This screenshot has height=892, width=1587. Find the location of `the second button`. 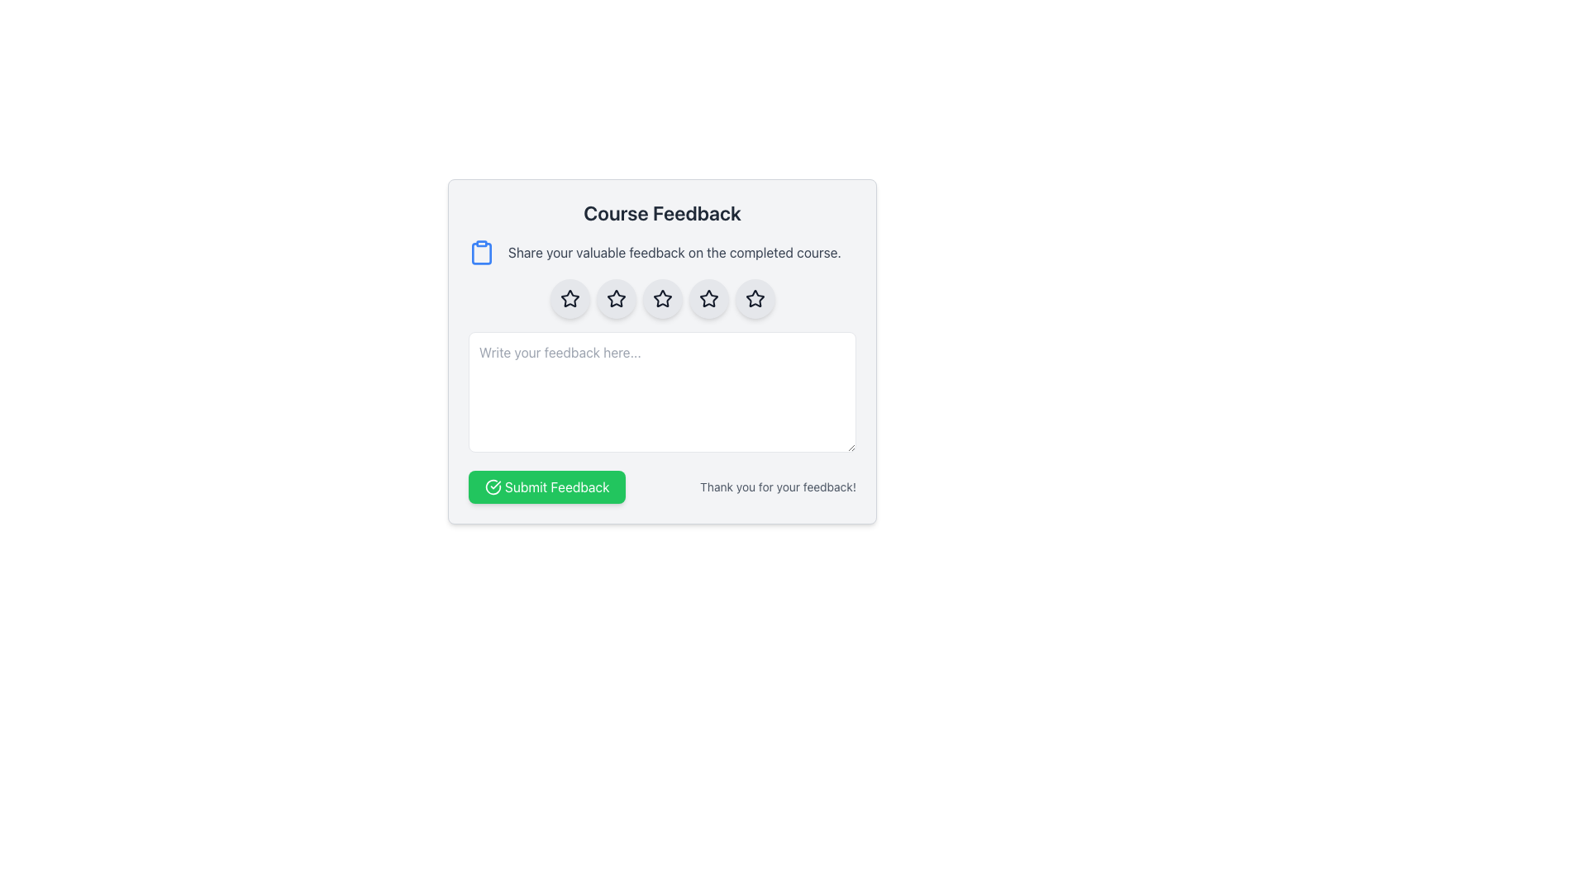

the second button is located at coordinates (615, 299).